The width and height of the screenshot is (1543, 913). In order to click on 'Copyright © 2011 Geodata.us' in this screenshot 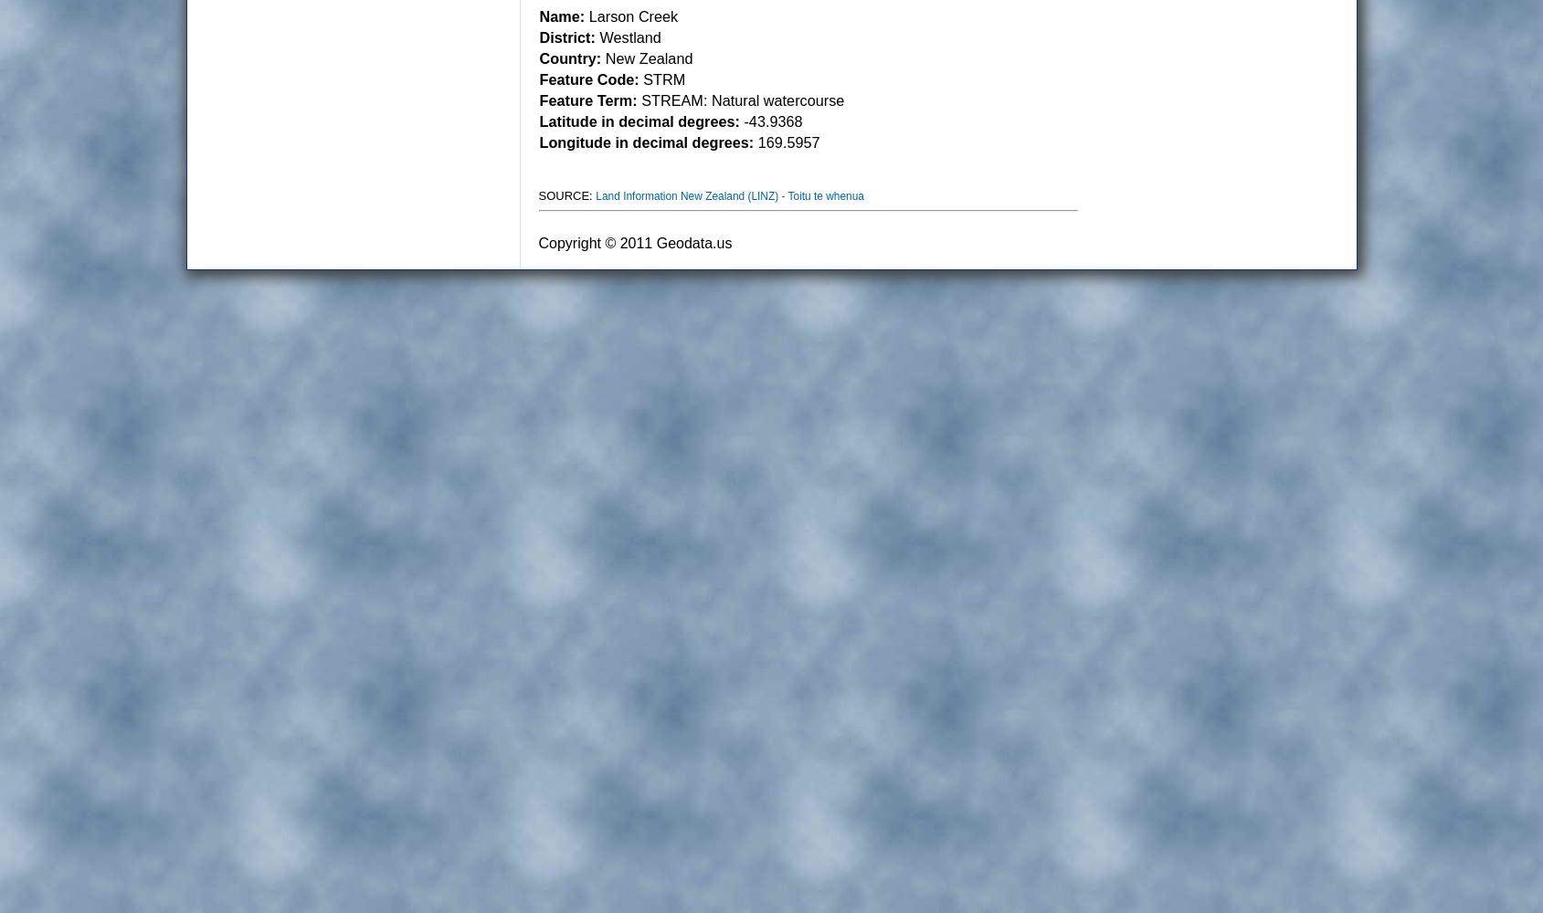, I will do `click(635, 243)`.